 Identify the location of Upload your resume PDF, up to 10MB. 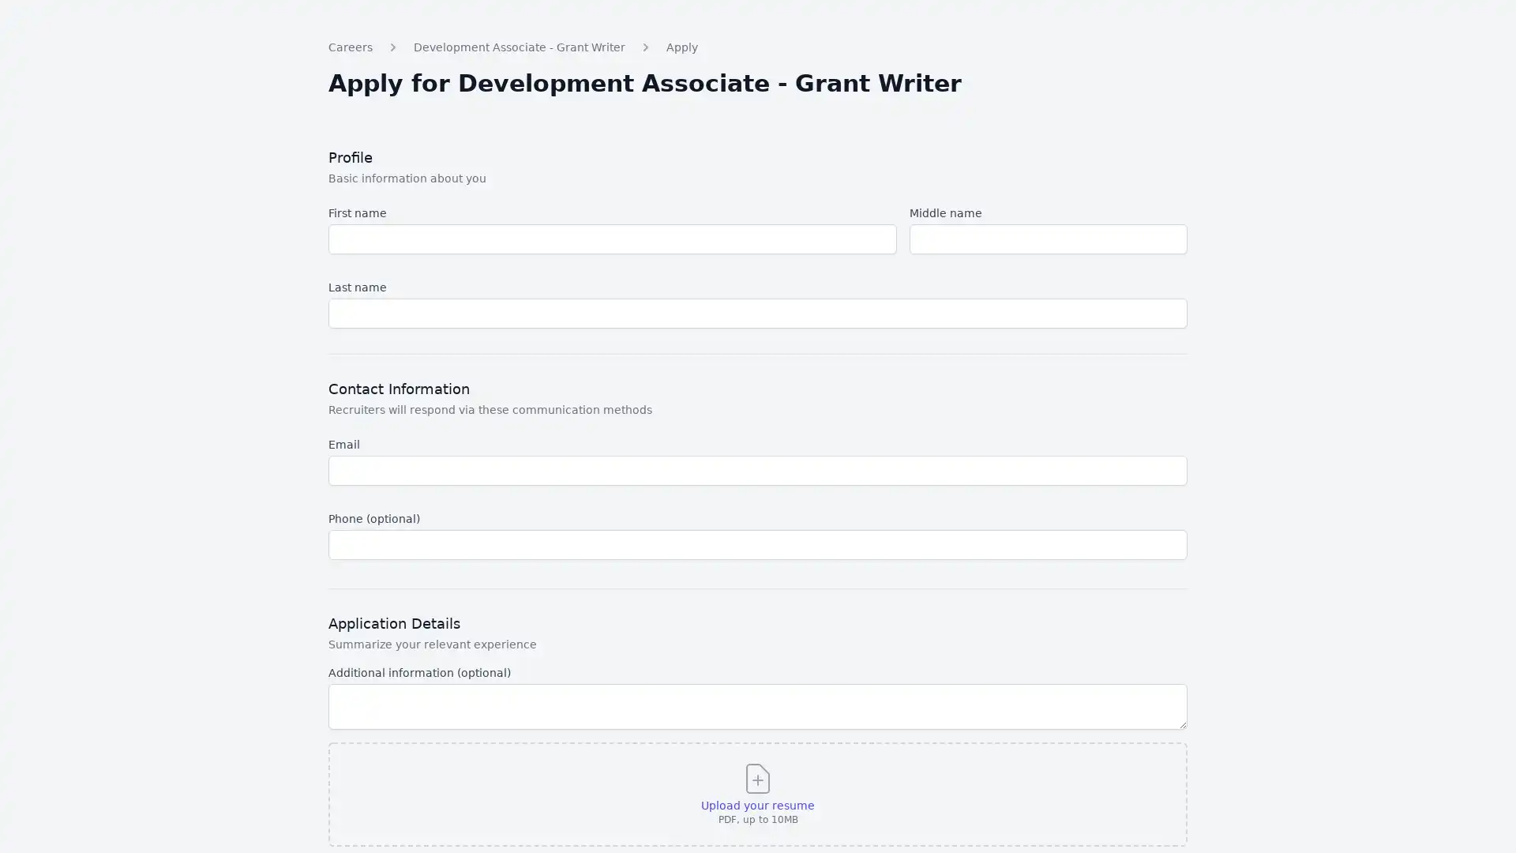
(756, 825).